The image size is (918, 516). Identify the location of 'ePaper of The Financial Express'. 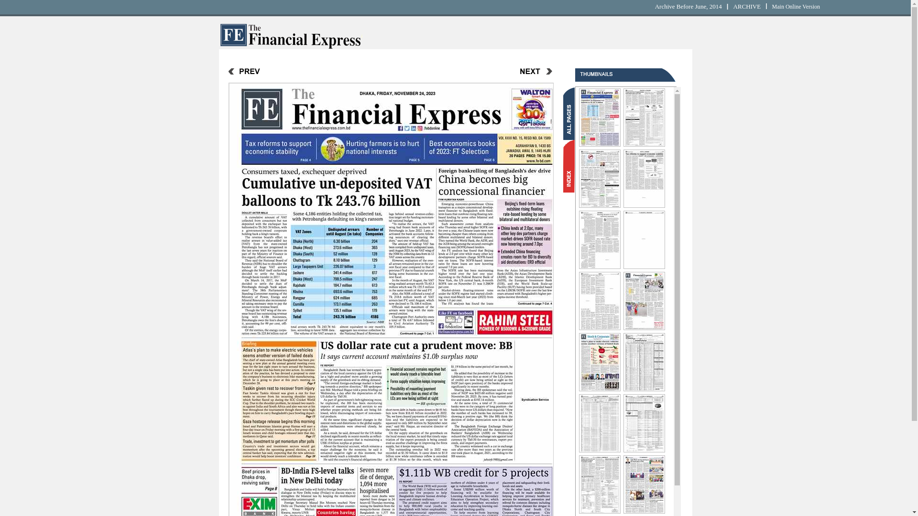
(290, 34).